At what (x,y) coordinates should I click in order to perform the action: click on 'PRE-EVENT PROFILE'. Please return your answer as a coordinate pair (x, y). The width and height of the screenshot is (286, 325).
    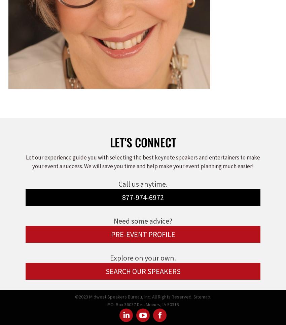
    Looking at the image, I should click on (143, 234).